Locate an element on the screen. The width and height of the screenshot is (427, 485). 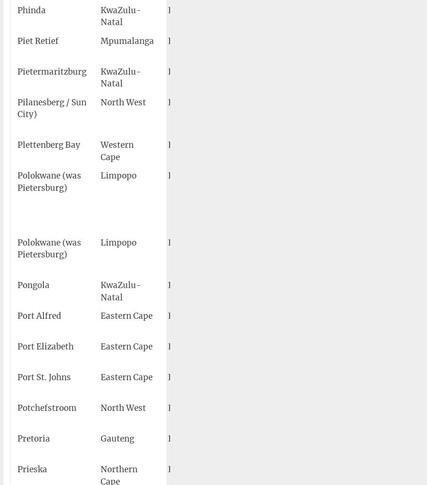
'FAPE' is located at coordinates (167, 346).